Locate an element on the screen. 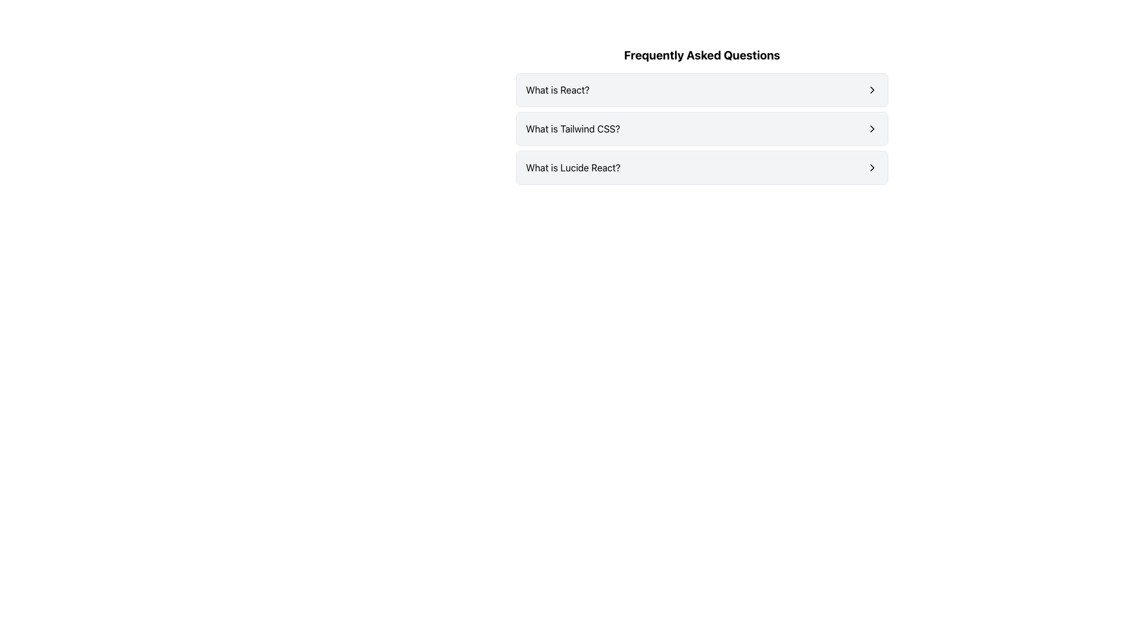  the chevron icon indicating the expandable button in the vertical list of options is located at coordinates (872, 129).